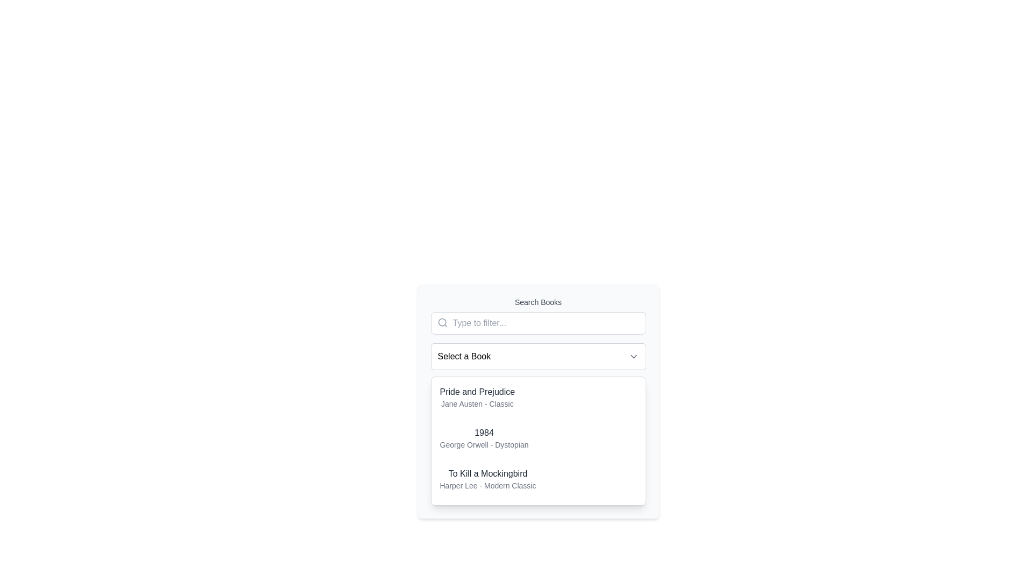 The width and height of the screenshot is (1033, 581). I want to click on the selectable list item for the book titled 'To Kill a Mockingbird' in the dropdown menu, so click(538, 479).